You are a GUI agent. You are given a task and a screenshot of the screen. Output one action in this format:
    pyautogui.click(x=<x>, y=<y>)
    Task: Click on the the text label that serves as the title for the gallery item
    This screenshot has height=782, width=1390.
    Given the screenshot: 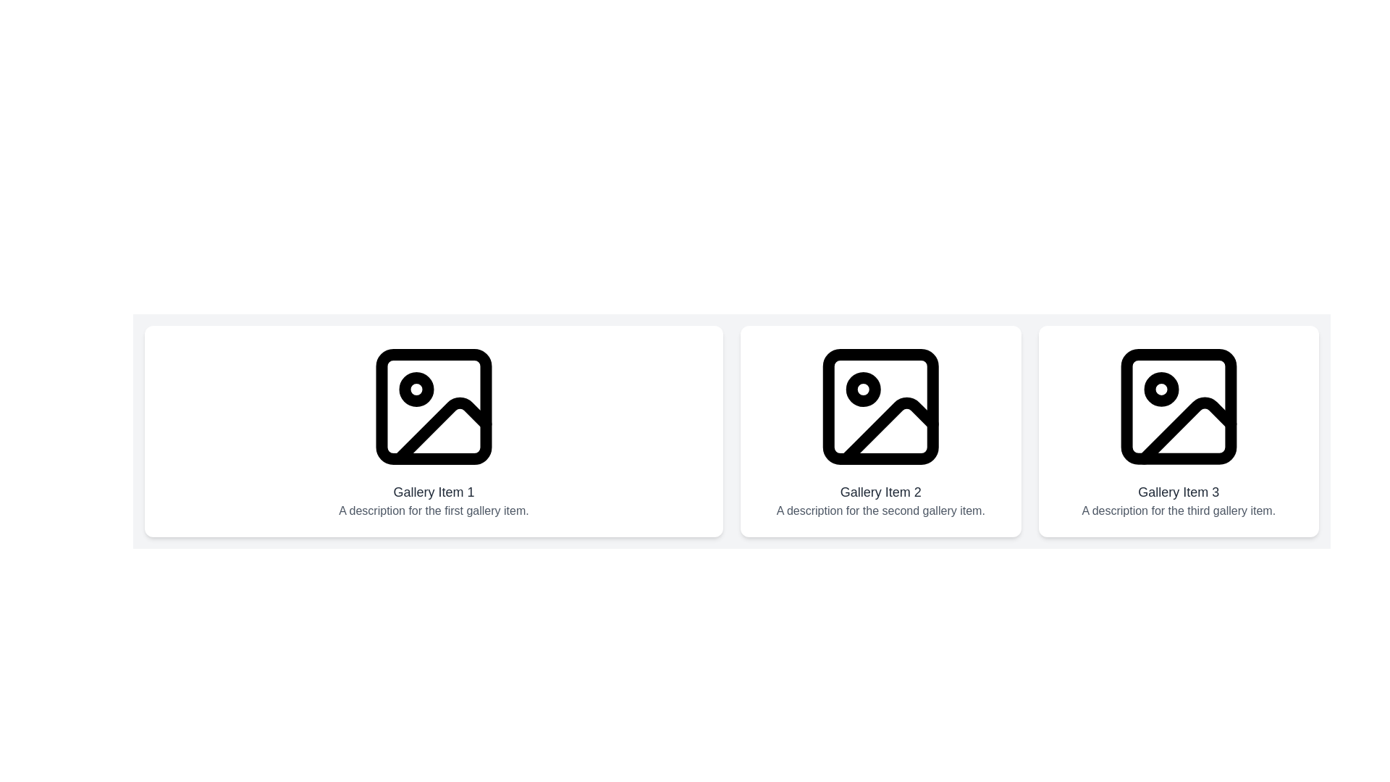 What is the action you would take?
    pyautogui.click(x=880, y=491)
    